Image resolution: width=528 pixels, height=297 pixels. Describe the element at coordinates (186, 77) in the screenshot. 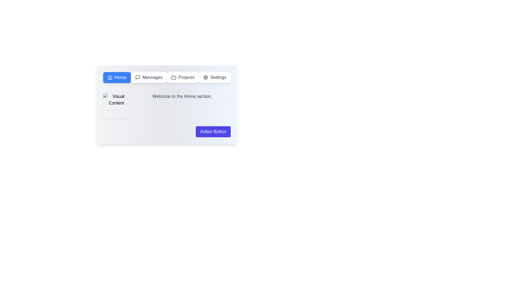

I see `the text label reading 'Projects' which is styled in dark gray and is positioned in the navigation row at the top-center of the interface` at that location.